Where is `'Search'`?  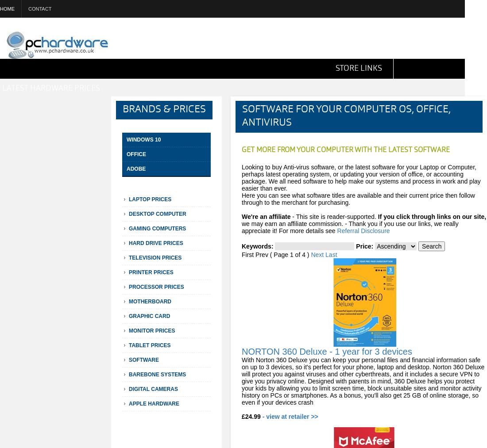 'Search' is located at coordinates (431, 246).